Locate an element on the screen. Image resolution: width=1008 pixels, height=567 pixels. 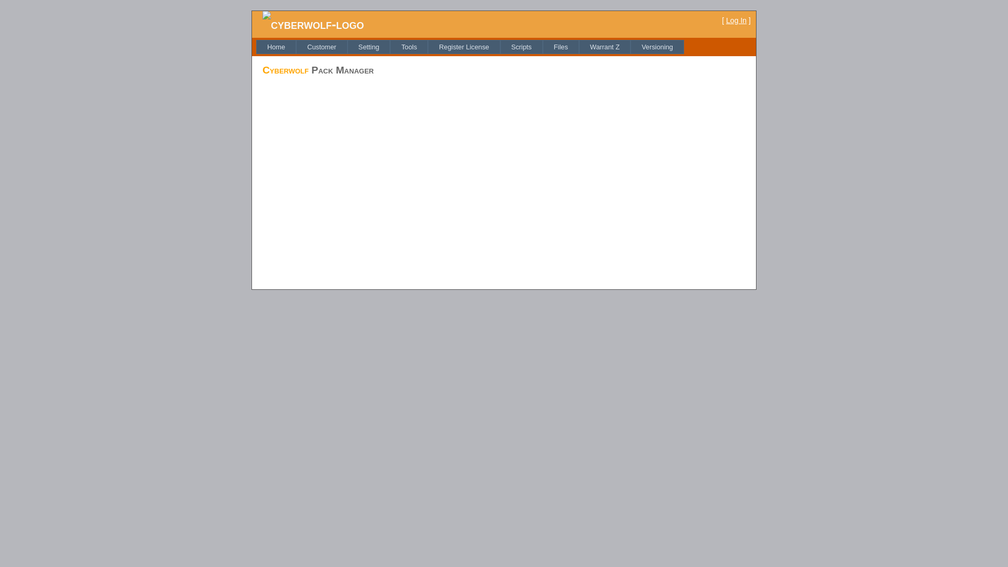
'Files' is located at coordinates (560, 46).